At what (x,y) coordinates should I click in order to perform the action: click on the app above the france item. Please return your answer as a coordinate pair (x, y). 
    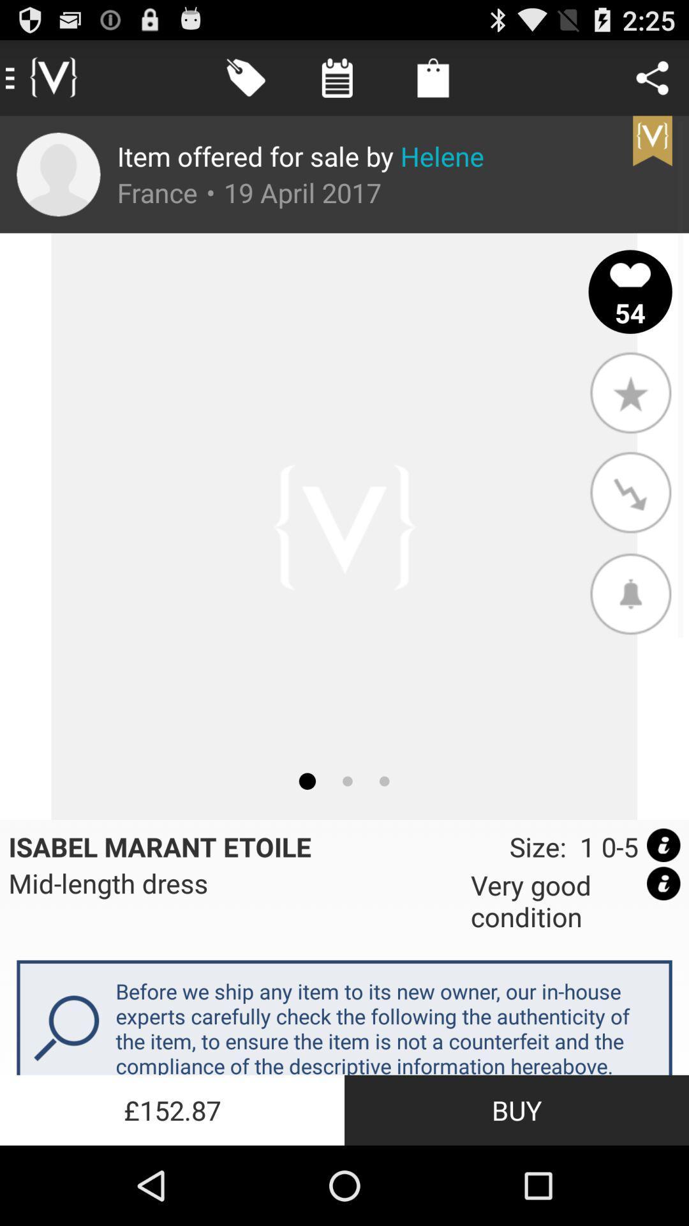
    Looking at the image, I should click on (300, 155).